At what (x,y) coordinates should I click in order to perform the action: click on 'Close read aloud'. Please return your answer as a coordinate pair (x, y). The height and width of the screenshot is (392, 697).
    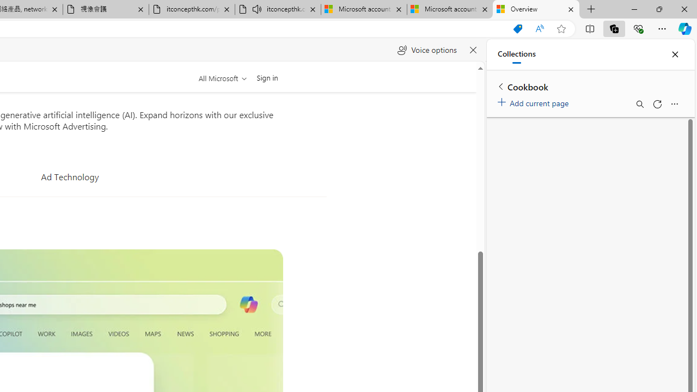
    Looking at the image, I should click on (473, 50).